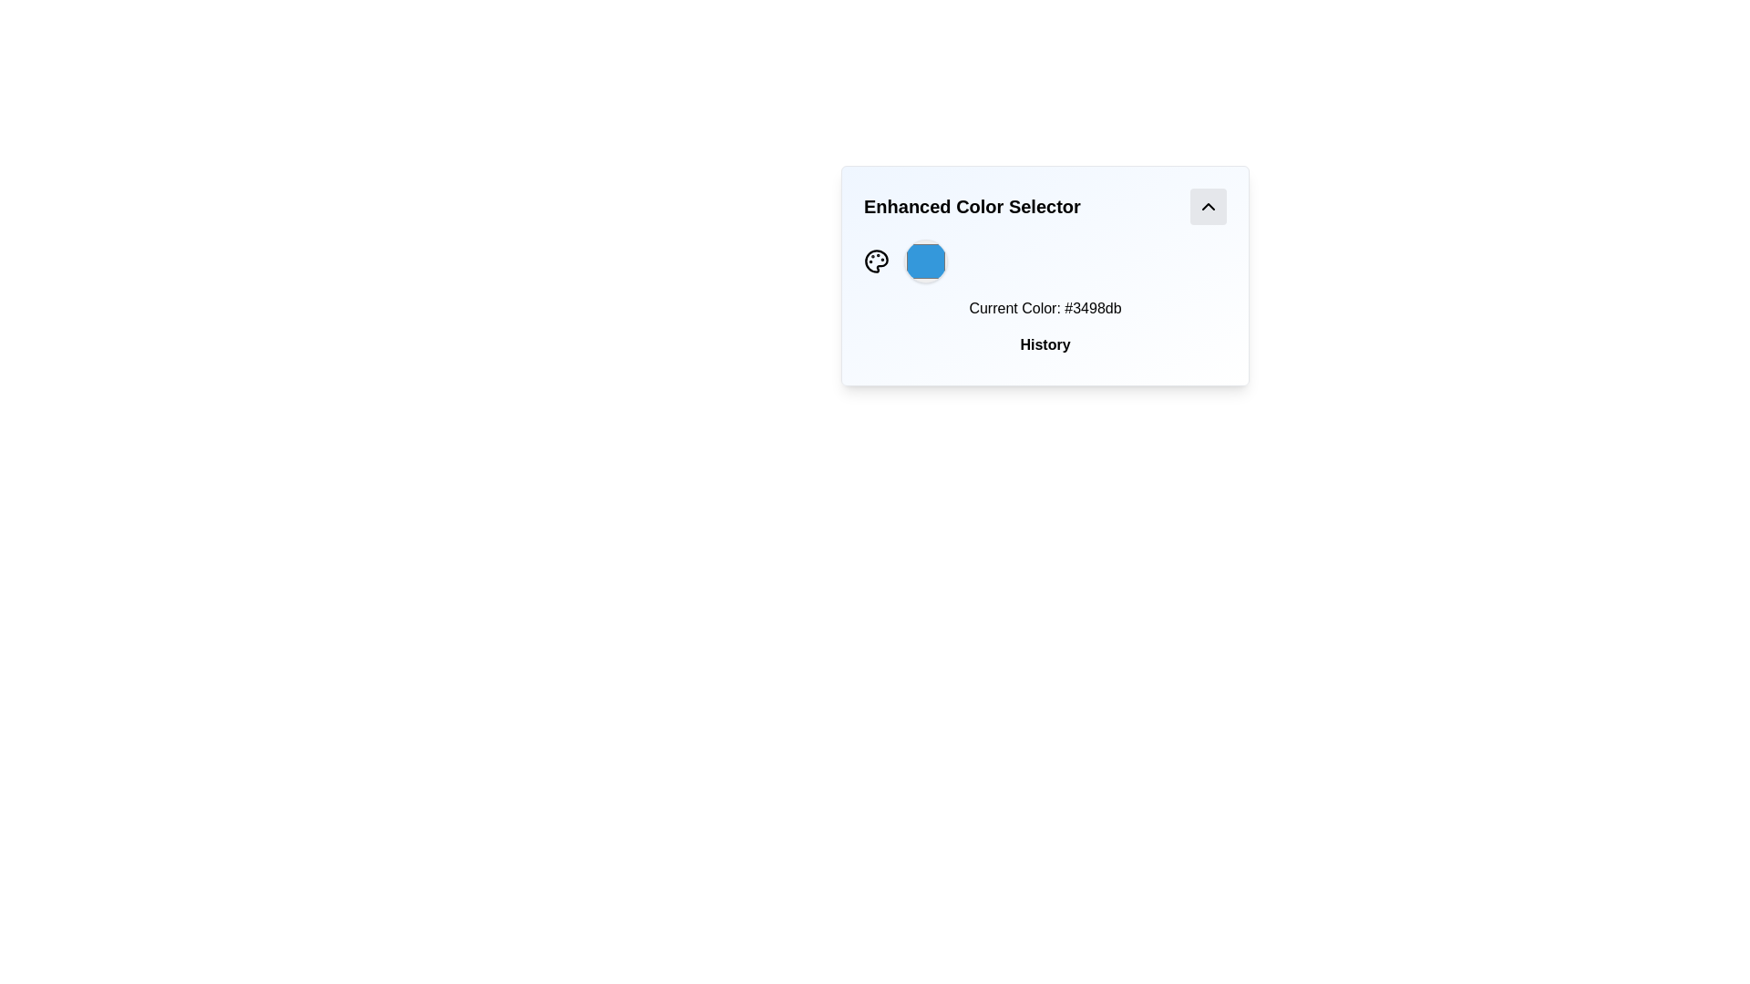 The image size is (1750, 984). I want to click on the upward-facing chevron icon within the light gray button located in the top-right corner of the white card labeled 'Enhanced Color Selector', so click(1208, 206).